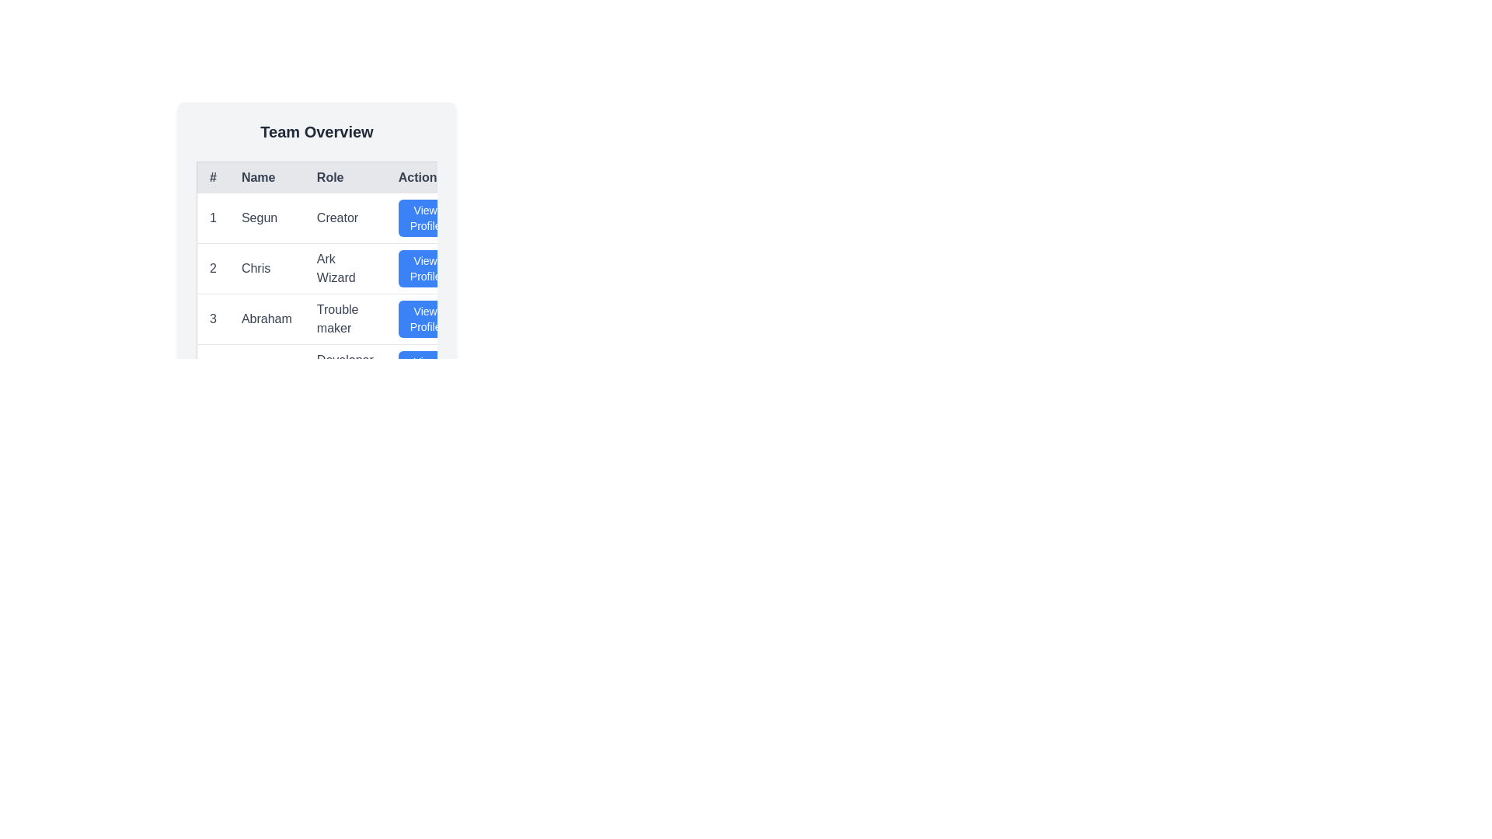 This screenshot has width=1492, height=839. Describe the element at coordinates (267, 319) in the screenshot. I see `static text label for the name 'Abraham', located in the third row of the table under the 'Name' column, positioned between the numeric indicator '3' and the 'Role' field 'Trouble maker'` at that location.